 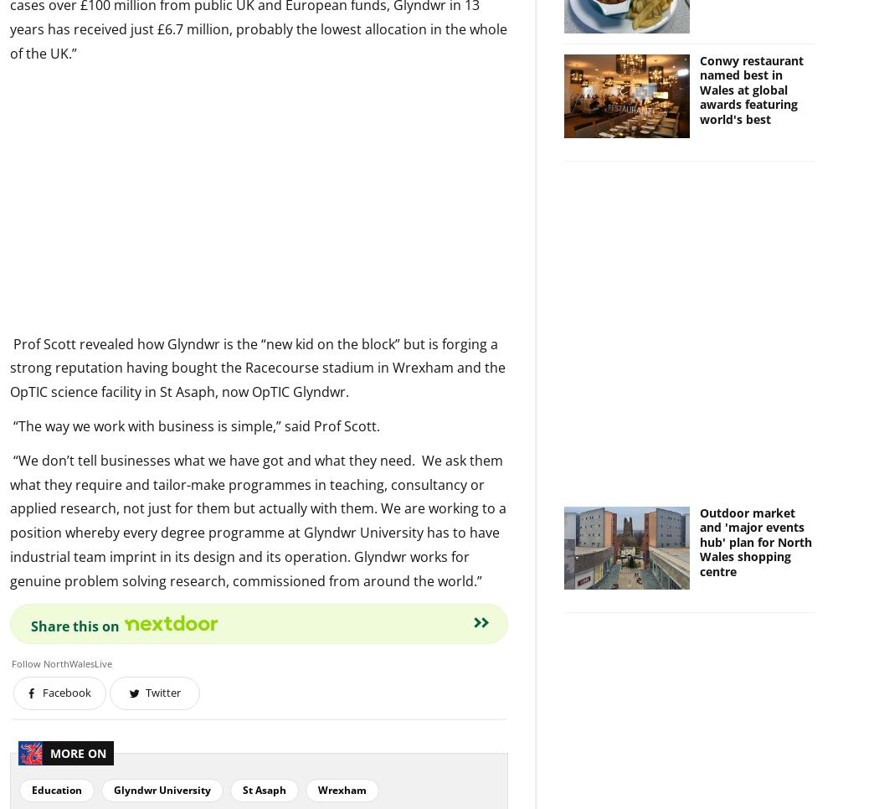 I want to click on 'Prof Scott revealed how Glyndwr is the “new kid on the block” but is forging a strong reputation having bought the Racecourse stadium in Wrexham and the OpTIC science facility in St Asaph, now OpTIC Glyndwr.', so click(x=257, y=367).